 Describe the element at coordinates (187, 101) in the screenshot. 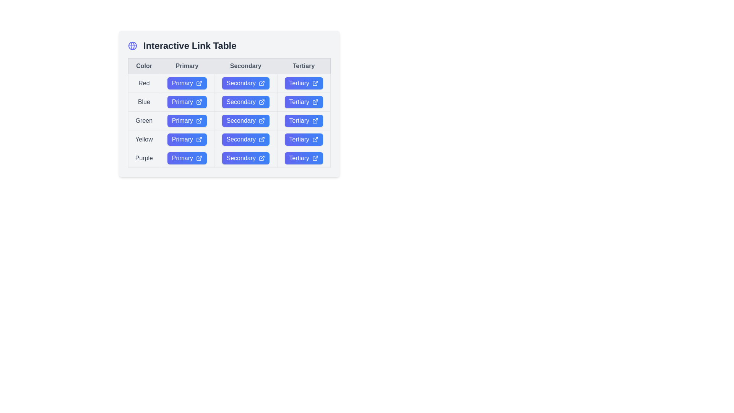

I see `the navigational button labeled 'Primary' located in the second row of the table under the 'Blue' color row` at that location.